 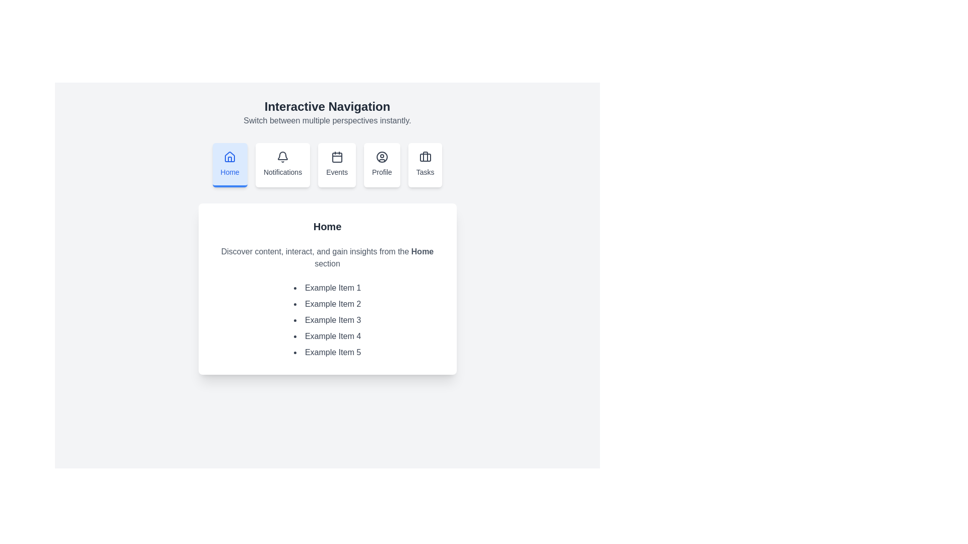 I want to click on the briefcase icon within the 'Tasks' button in the top navigation bar, so click(x=425, y=157).